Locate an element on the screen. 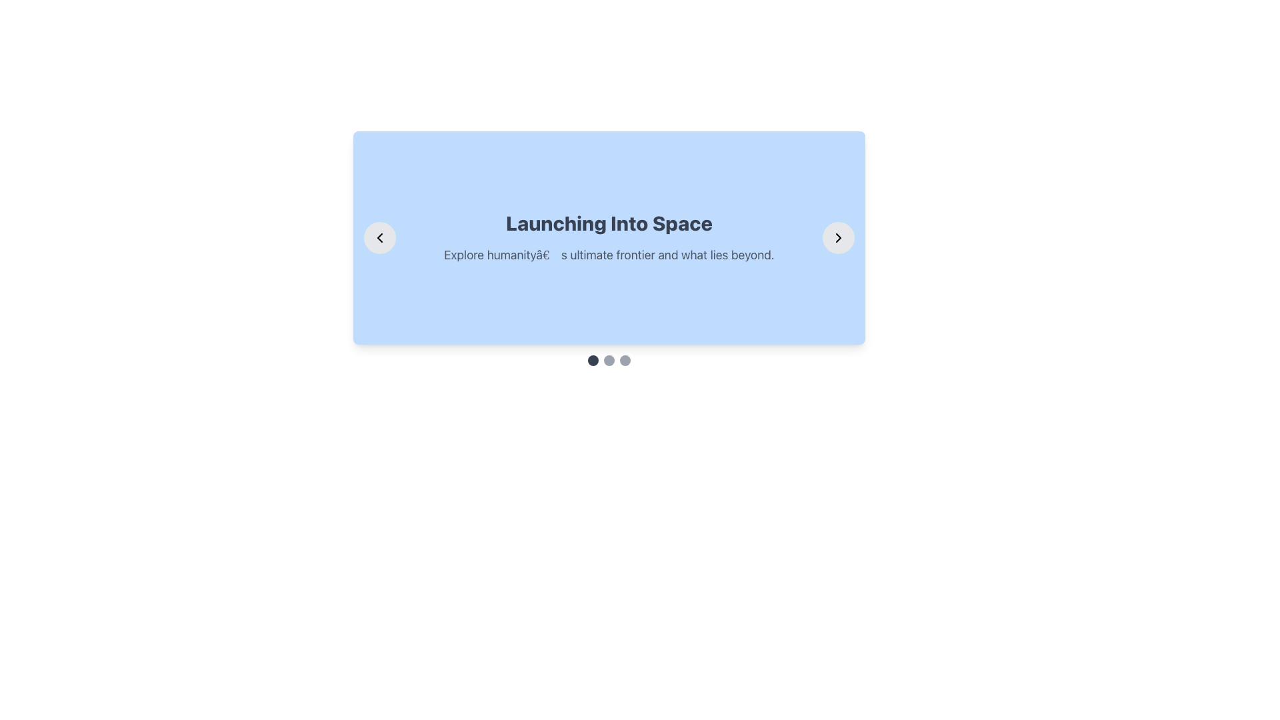 Image resolution: width=1280 pixels, height=720 pixels. the middle circular button of the Carousel navigation, which is lighter in color than the adjacent darker buttons is located at coordinates (608, 360).